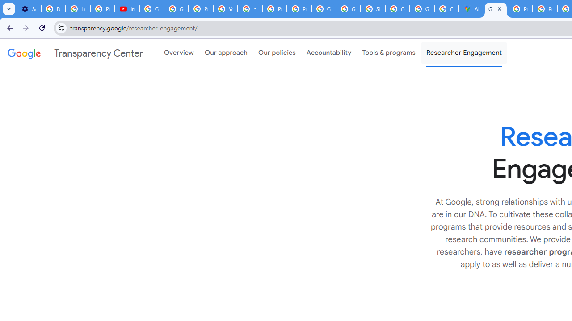  Describe the element at coordinates (277, 53) in the screenshot. I see `'Our policies'` at that location.